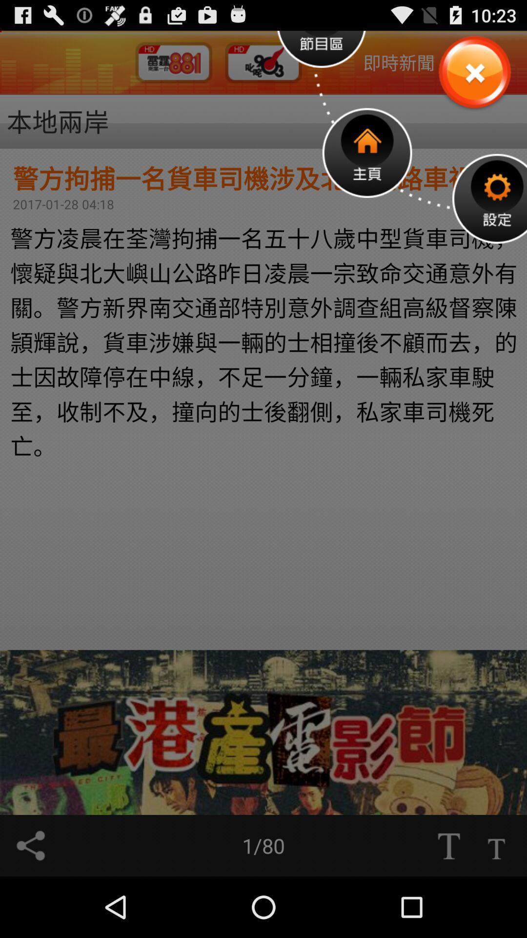 This screenshot has width=527, height=938. Describe the element at coordinates (448, 904) in the screenshot. I see `the font icon` at that location.